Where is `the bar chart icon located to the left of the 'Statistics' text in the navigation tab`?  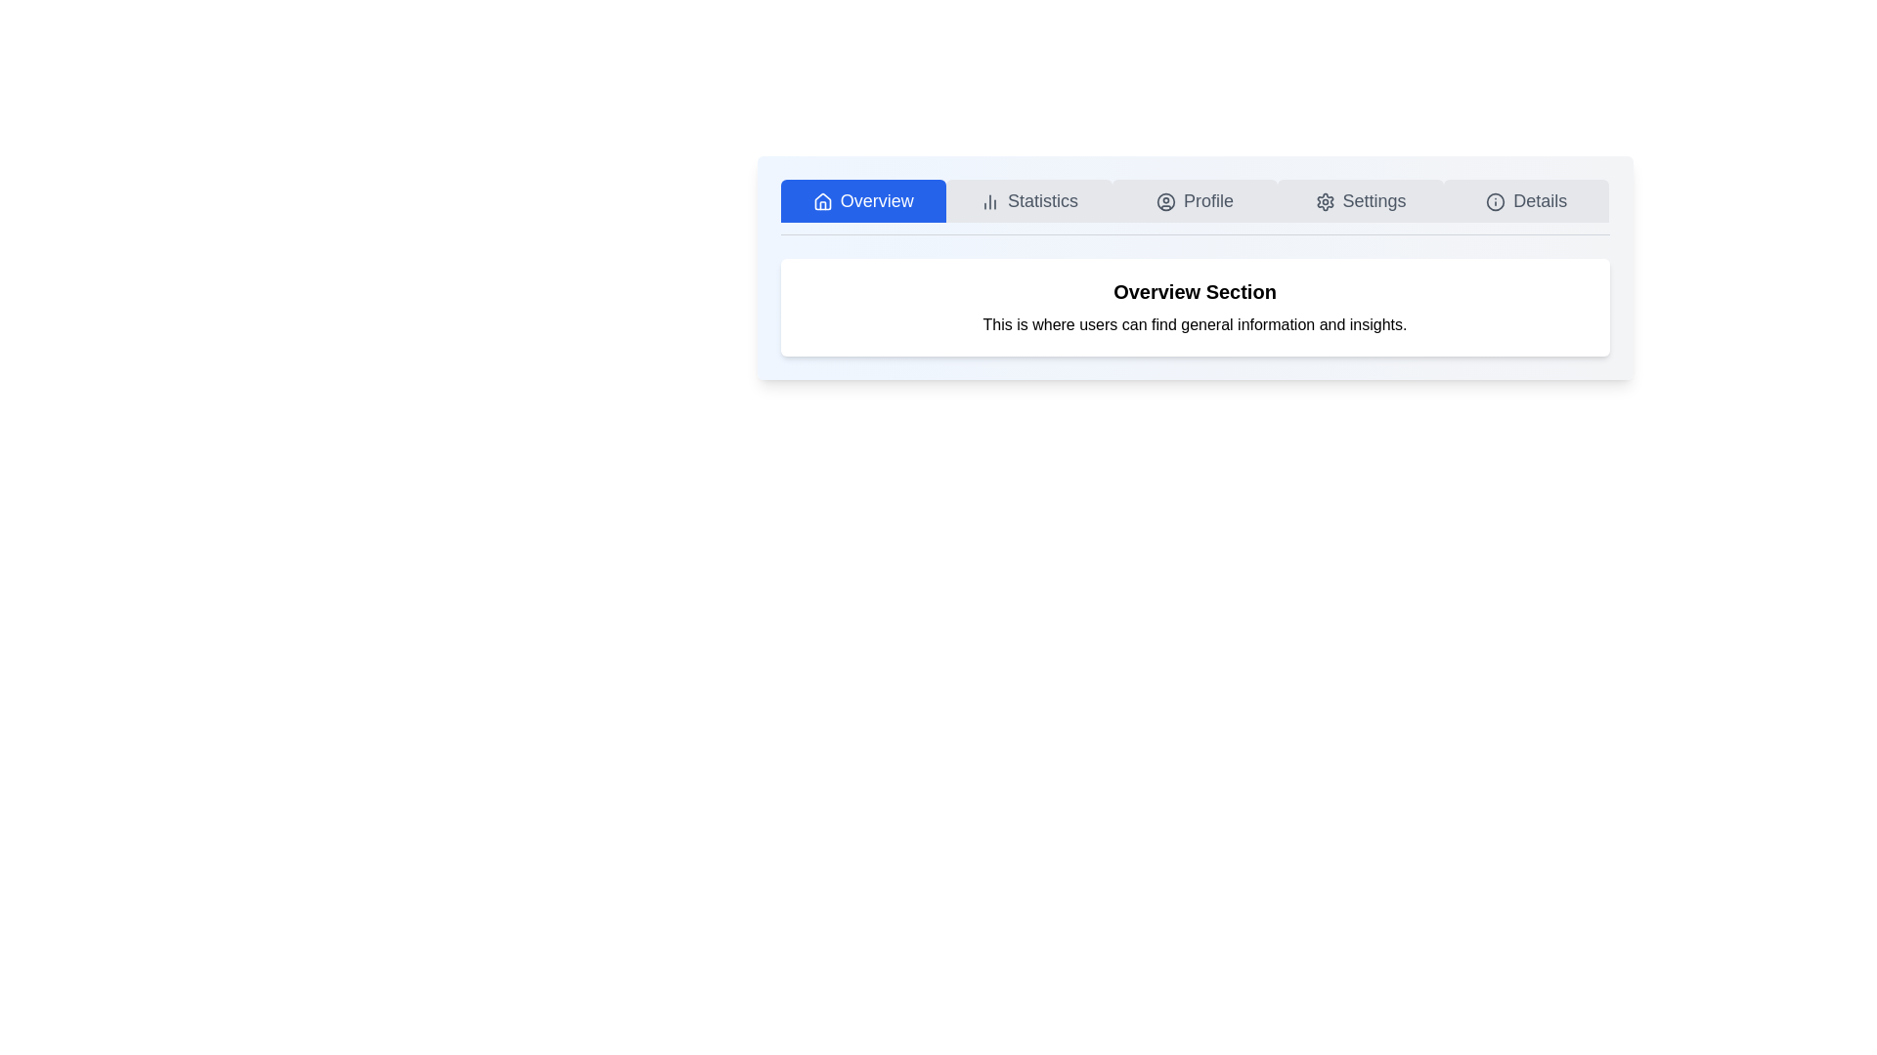 the bar chart icon located to the left of the 'Statistics' text in the navigation tab is located at coordinates (989, 202).